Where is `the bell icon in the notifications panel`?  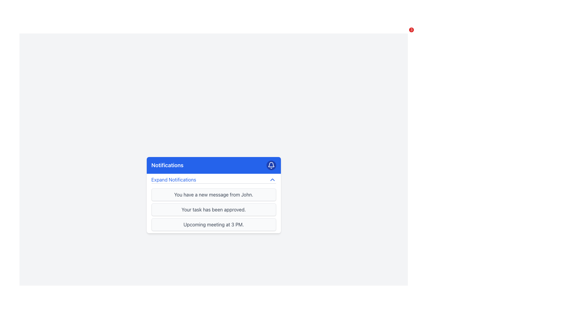 the bell icon in the notifications panel is located at coordinates (271, 164).